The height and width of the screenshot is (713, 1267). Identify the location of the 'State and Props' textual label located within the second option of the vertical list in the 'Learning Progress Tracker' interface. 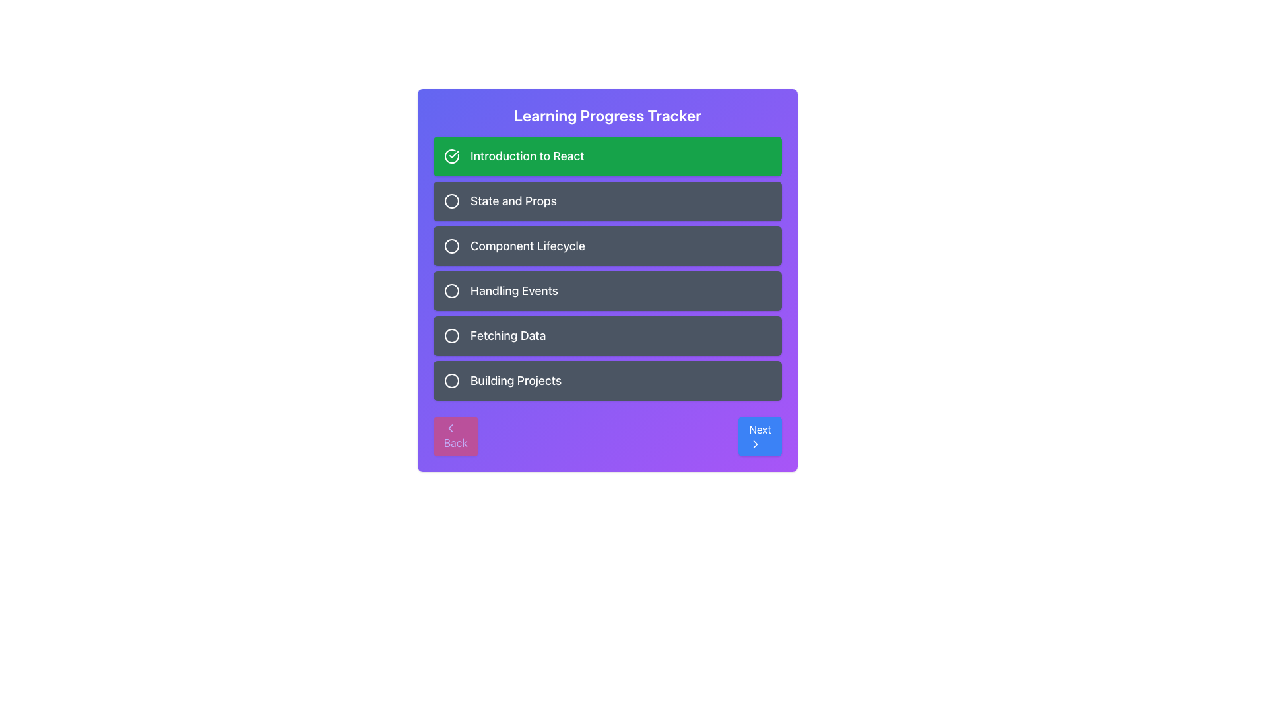
(513, 201).